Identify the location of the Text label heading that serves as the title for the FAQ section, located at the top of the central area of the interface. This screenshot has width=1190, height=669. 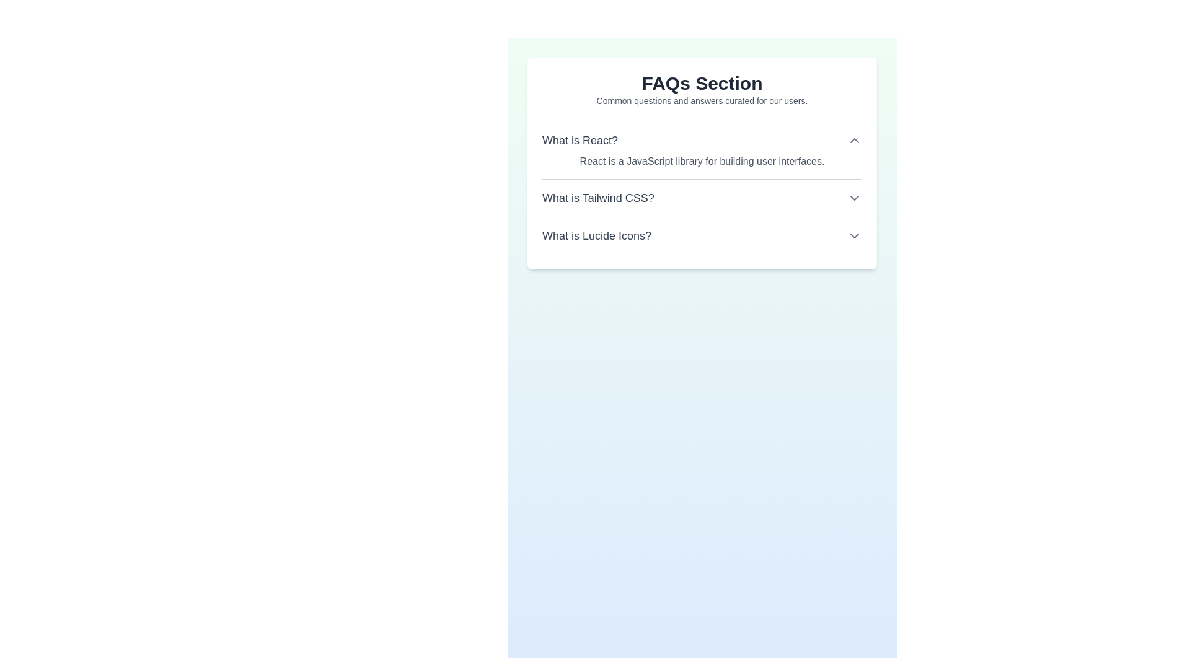
(702, 84).